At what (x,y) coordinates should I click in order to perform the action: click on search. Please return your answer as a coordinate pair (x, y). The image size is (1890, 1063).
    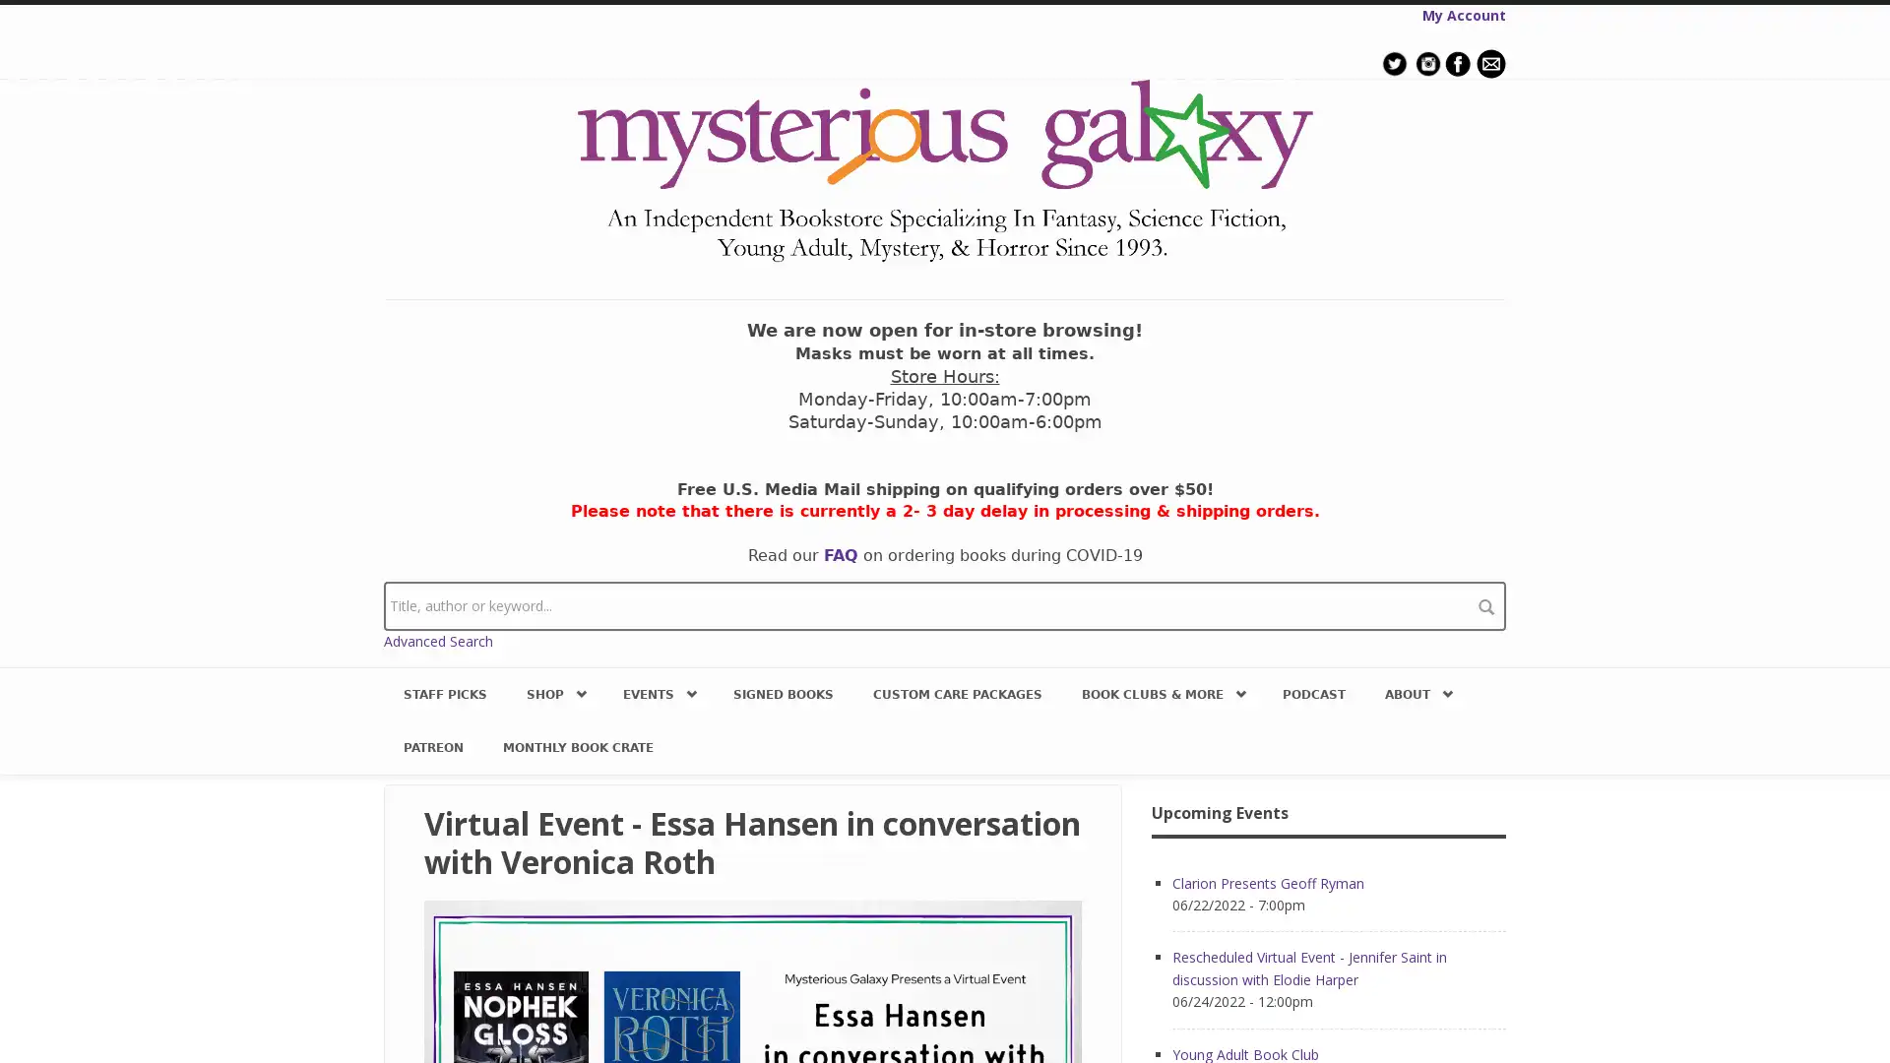
    Looking at the image, I should click on (1486, 605).